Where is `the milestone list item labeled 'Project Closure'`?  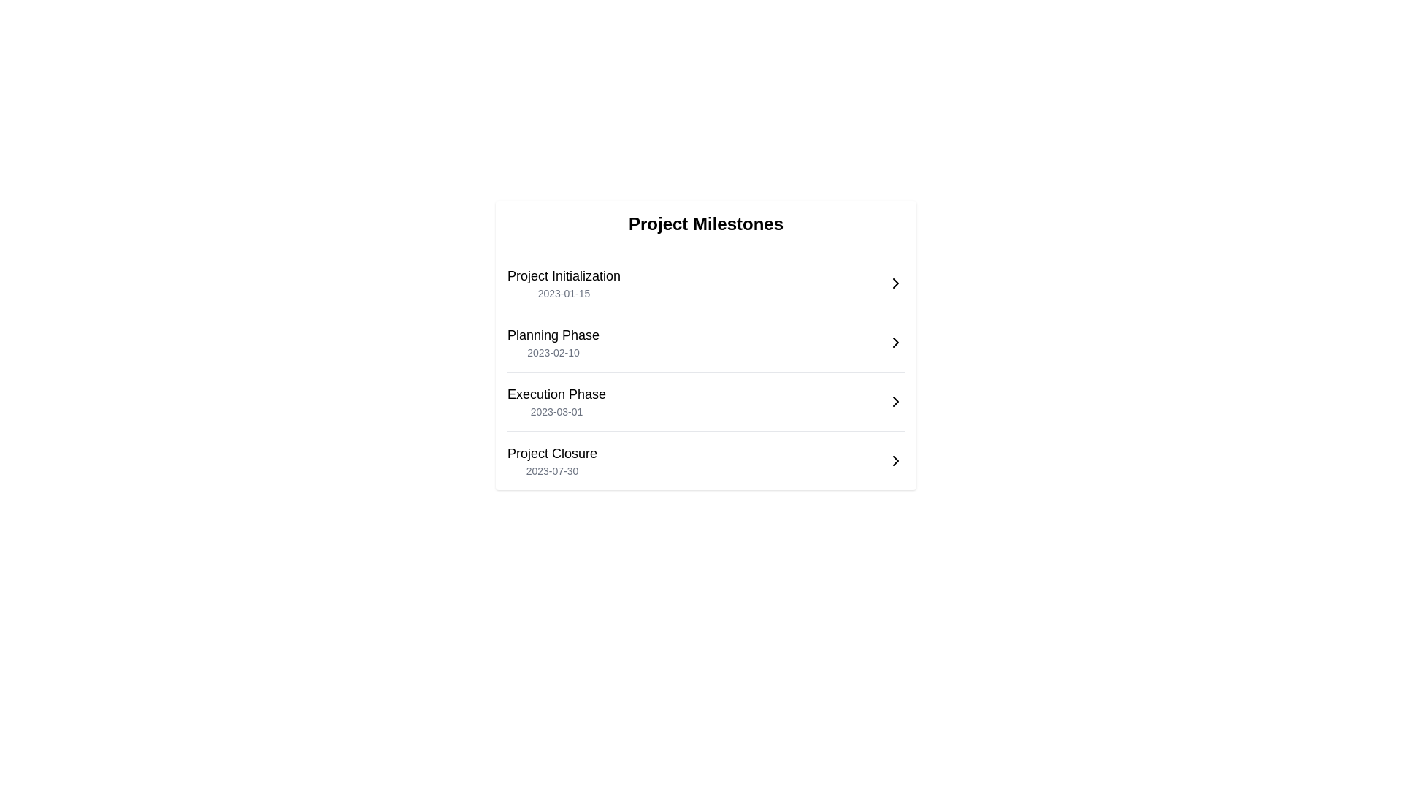 the milestone list item labeled 'Project Closure' is located at coordinates (705, 461).